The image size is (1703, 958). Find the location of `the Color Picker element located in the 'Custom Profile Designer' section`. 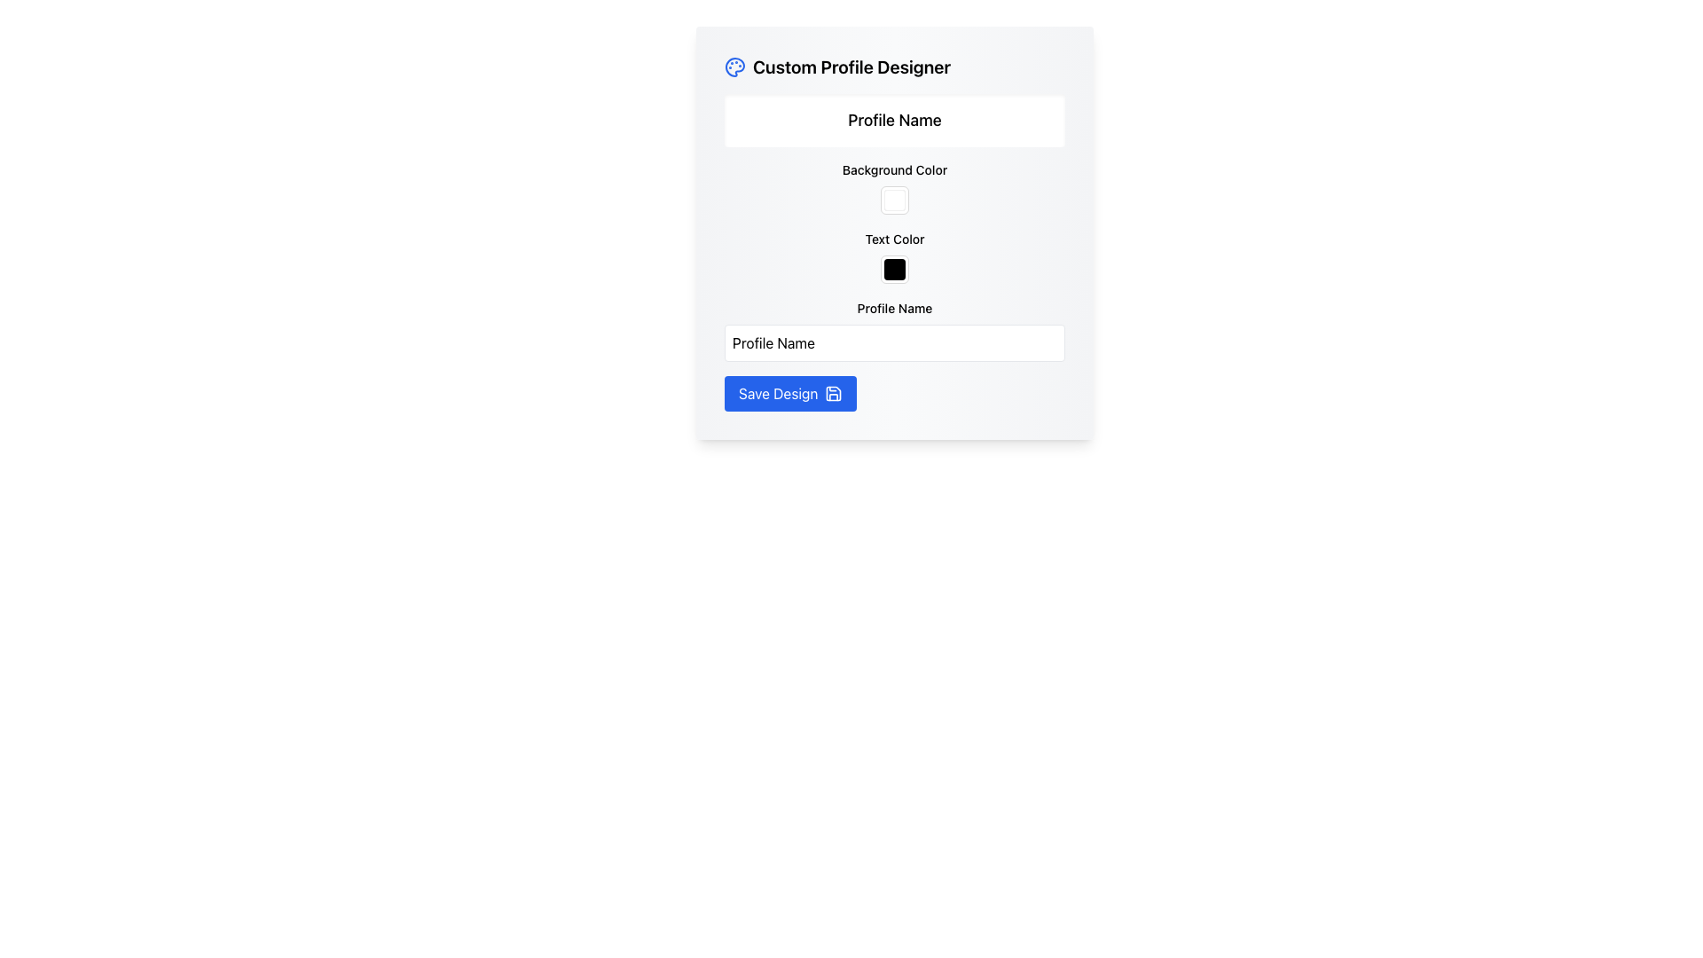

the Color Picker element located in the 'Custom Profile Designer' section is located at coordinates (894, 257).